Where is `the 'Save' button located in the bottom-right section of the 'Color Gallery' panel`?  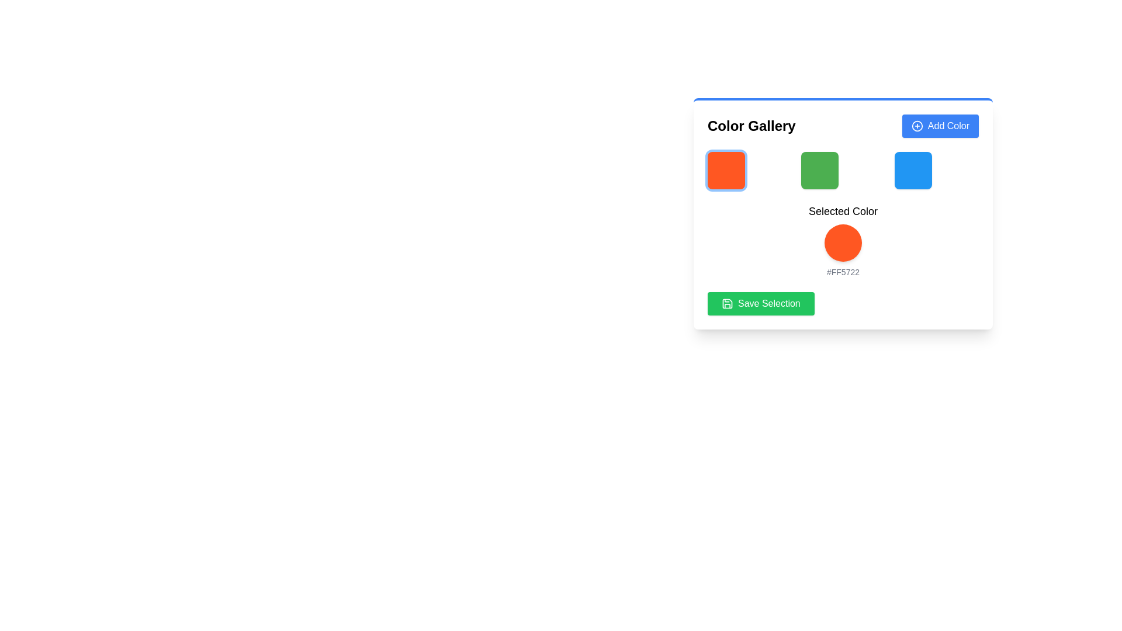 the 'Save' button located in the bottom-right section of the 'Color Gallery' panel is located at coordinates (760, 303).